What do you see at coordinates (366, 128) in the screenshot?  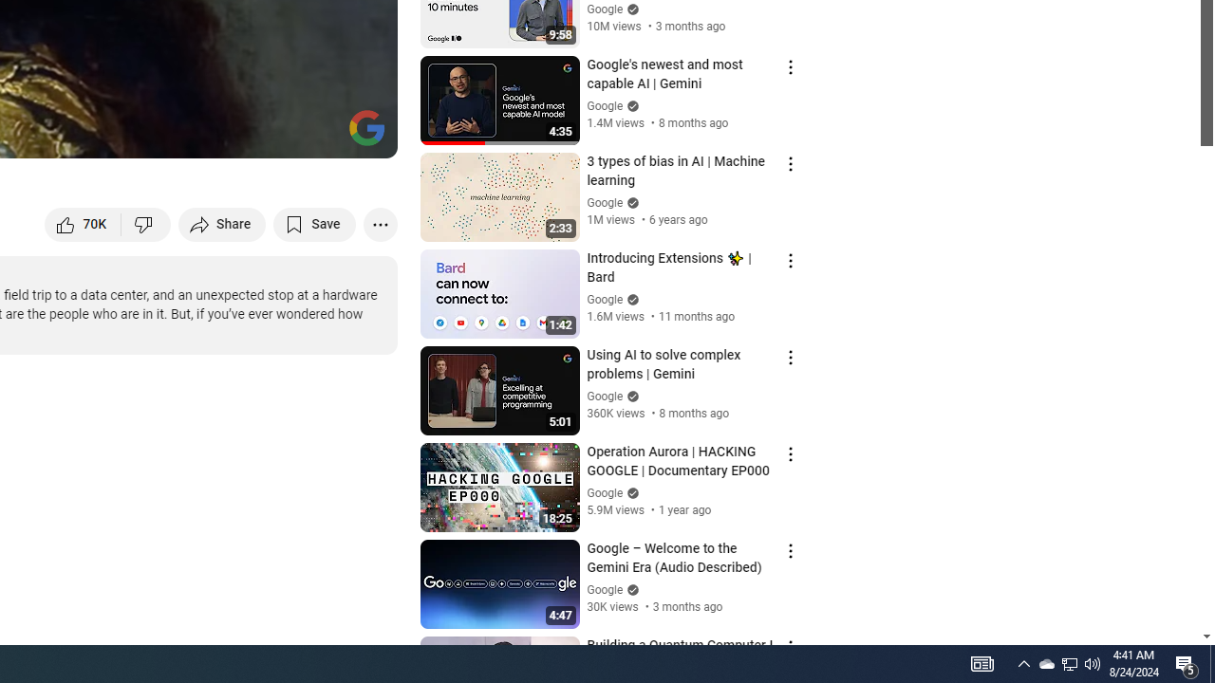 I see `'Channel watermark'` at bounding box center [366, 128].